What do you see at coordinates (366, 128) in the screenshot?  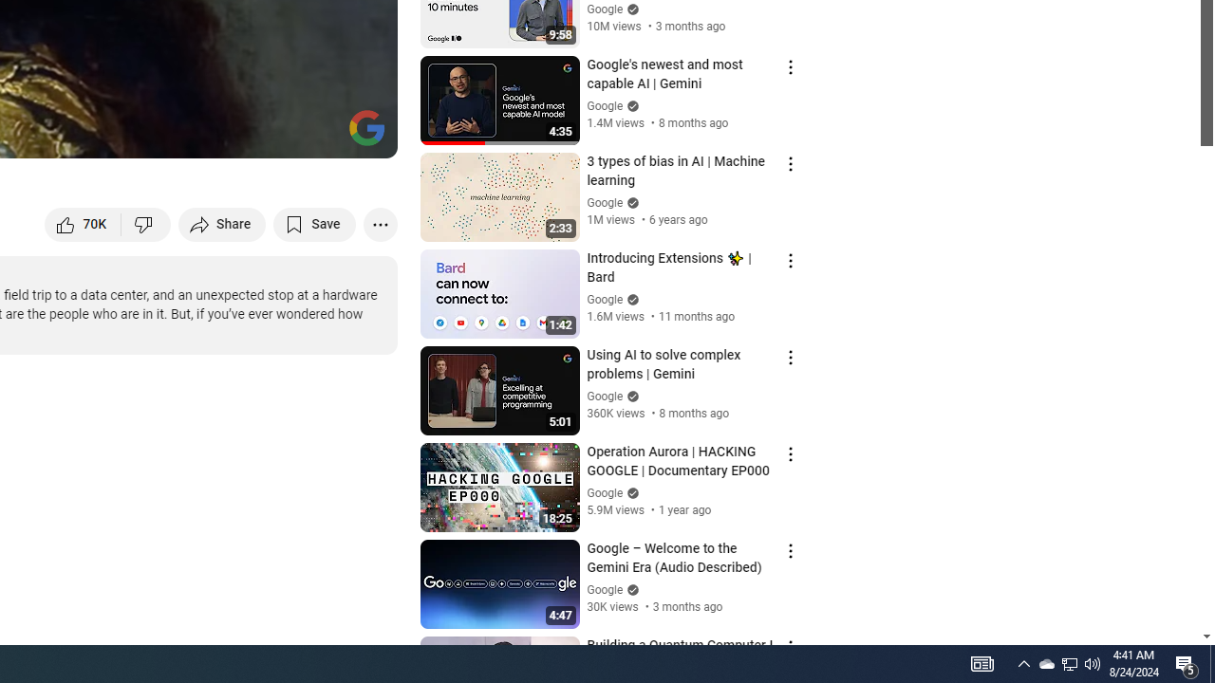 I see `'Channel watermark'` at bounding box center [366, 128].